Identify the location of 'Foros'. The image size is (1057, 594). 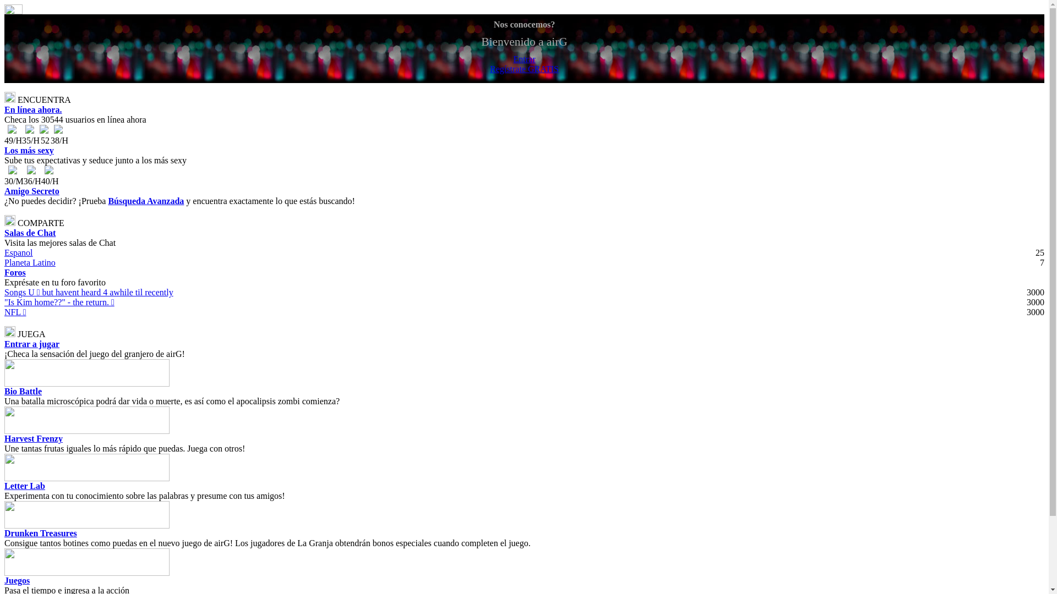
(4, 272).